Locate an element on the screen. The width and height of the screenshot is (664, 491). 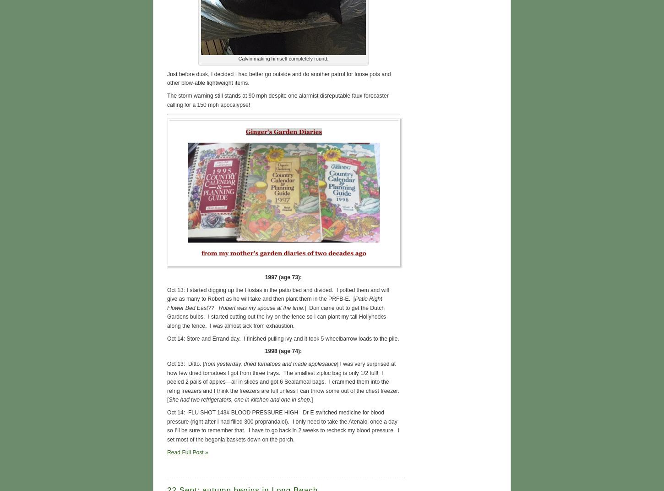
'Oct 13:  Ditto. [' is located at coordinates (185, 364).